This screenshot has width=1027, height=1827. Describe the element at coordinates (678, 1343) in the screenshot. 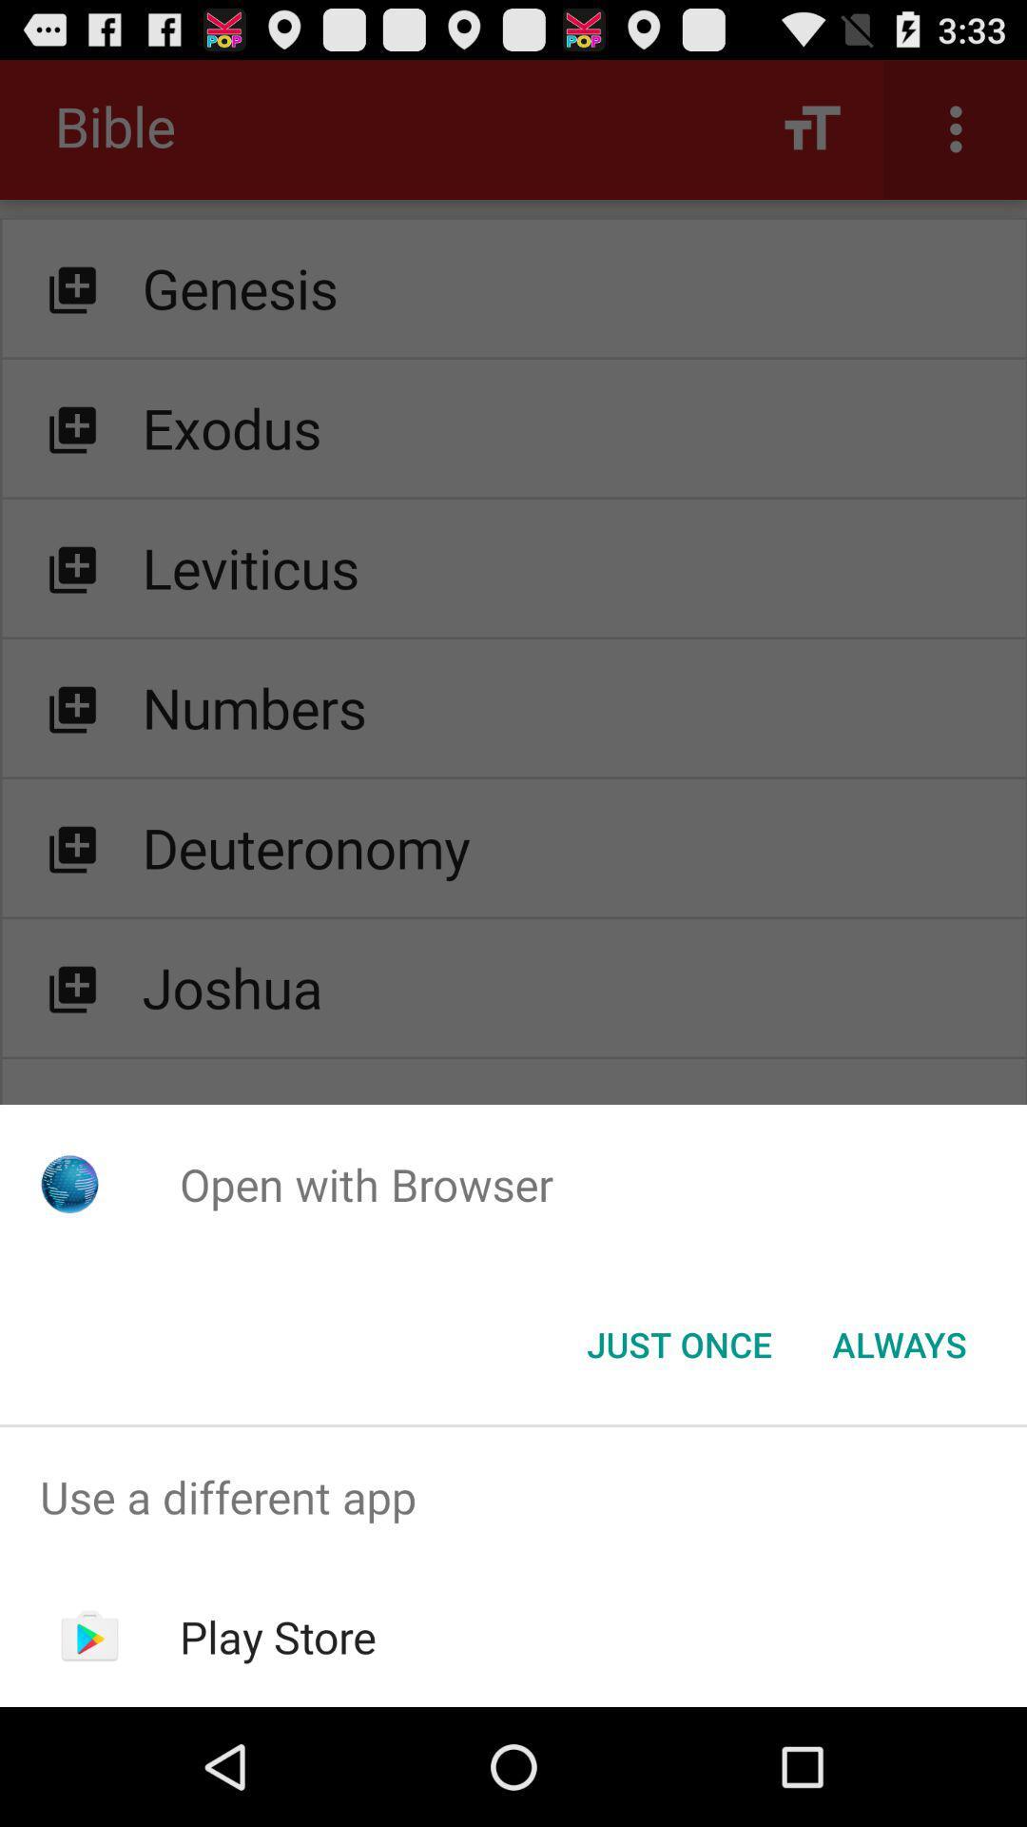

I see `item next to always icon` at that location.